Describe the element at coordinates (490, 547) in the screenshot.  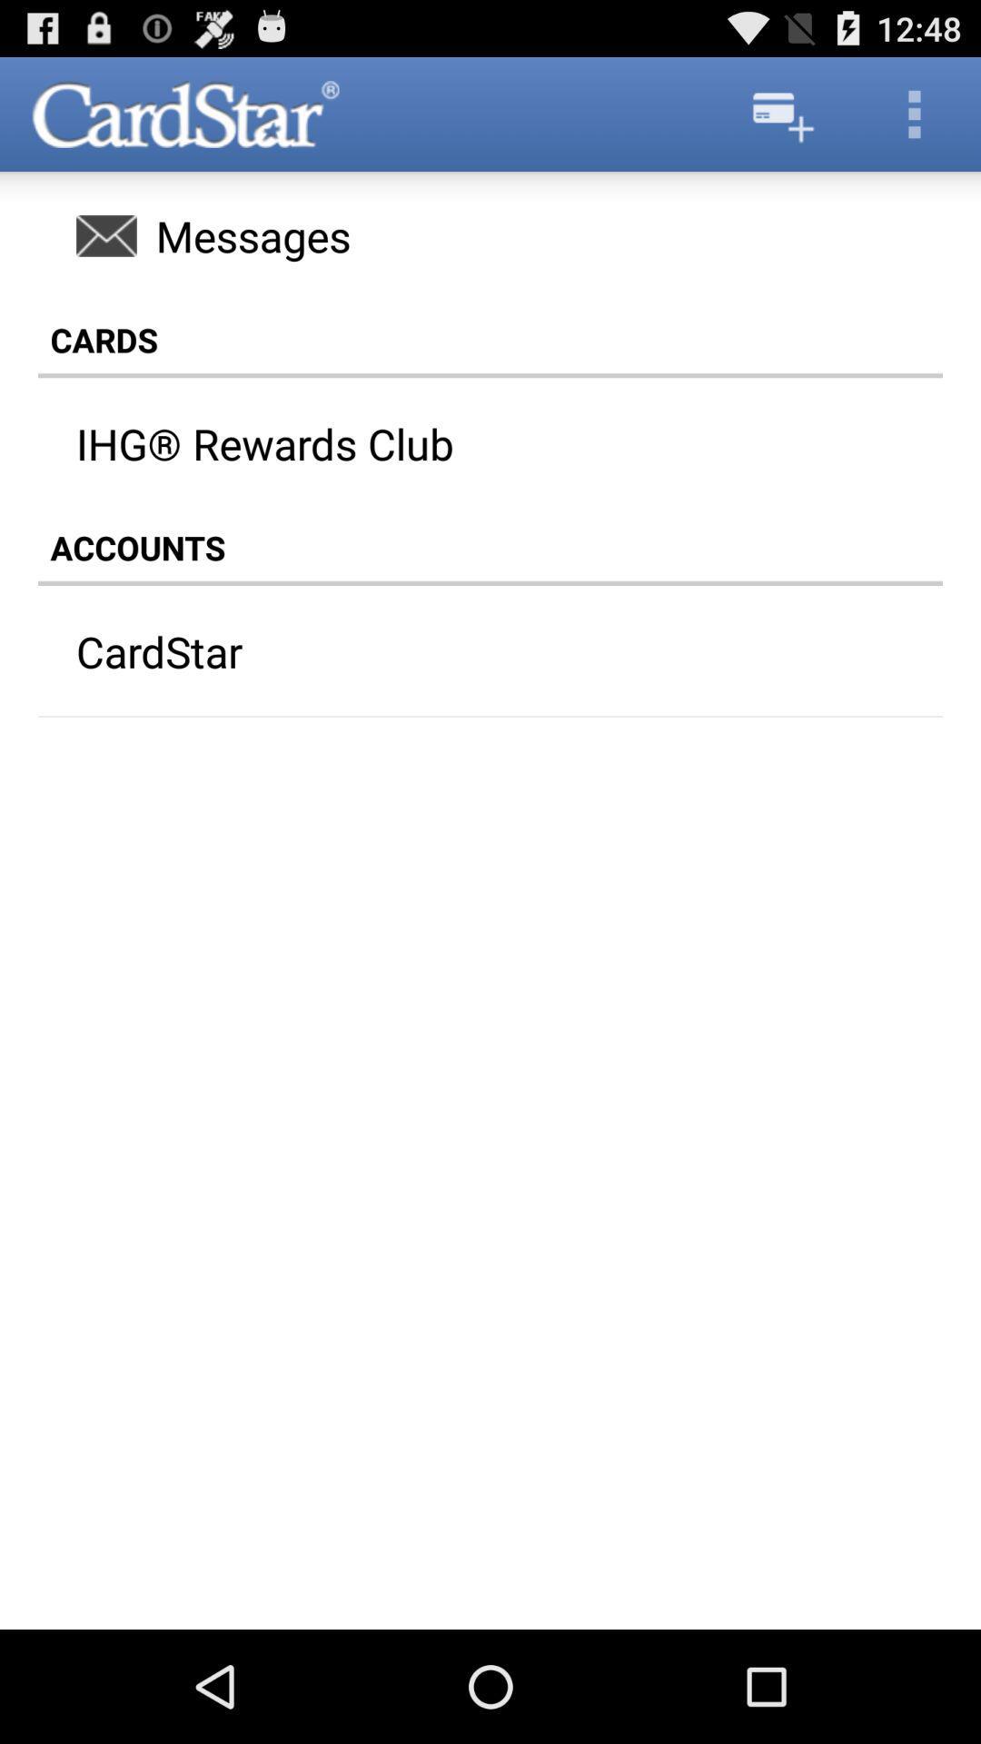
I see `the app above cardstar icon` at that location.